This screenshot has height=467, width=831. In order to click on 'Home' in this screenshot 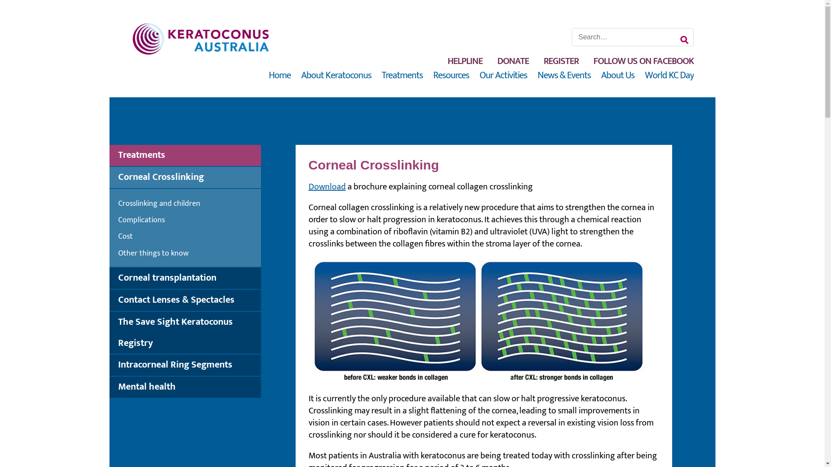, I will do `click(279, 75)`.